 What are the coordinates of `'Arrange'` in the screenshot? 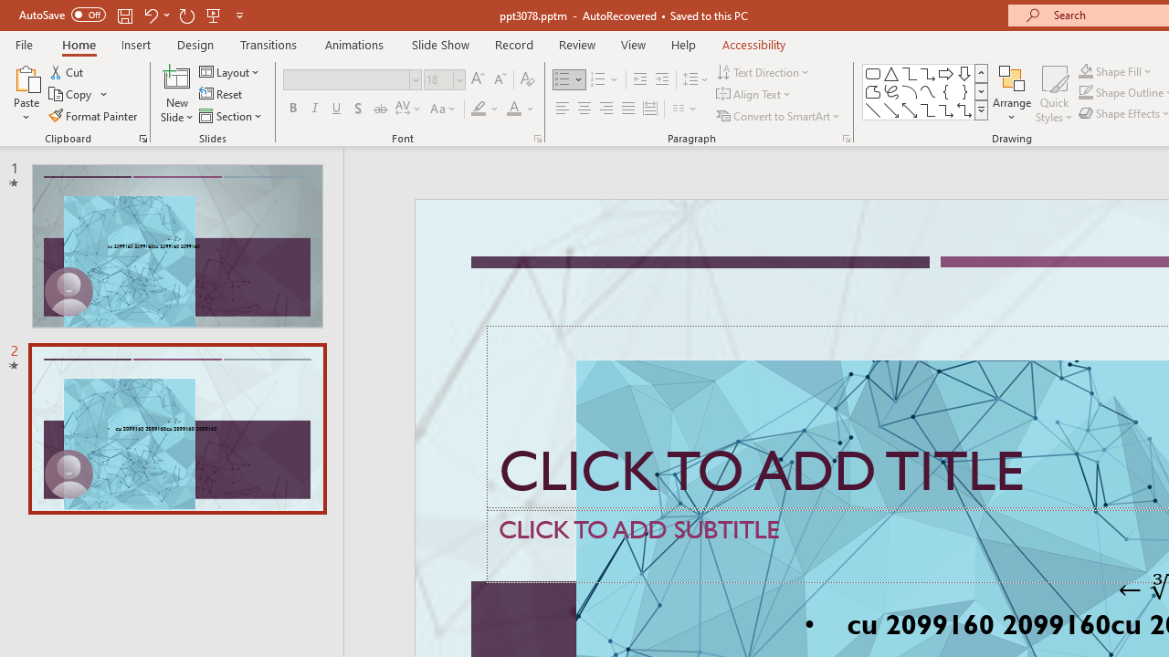 It's located at (1011, 94).